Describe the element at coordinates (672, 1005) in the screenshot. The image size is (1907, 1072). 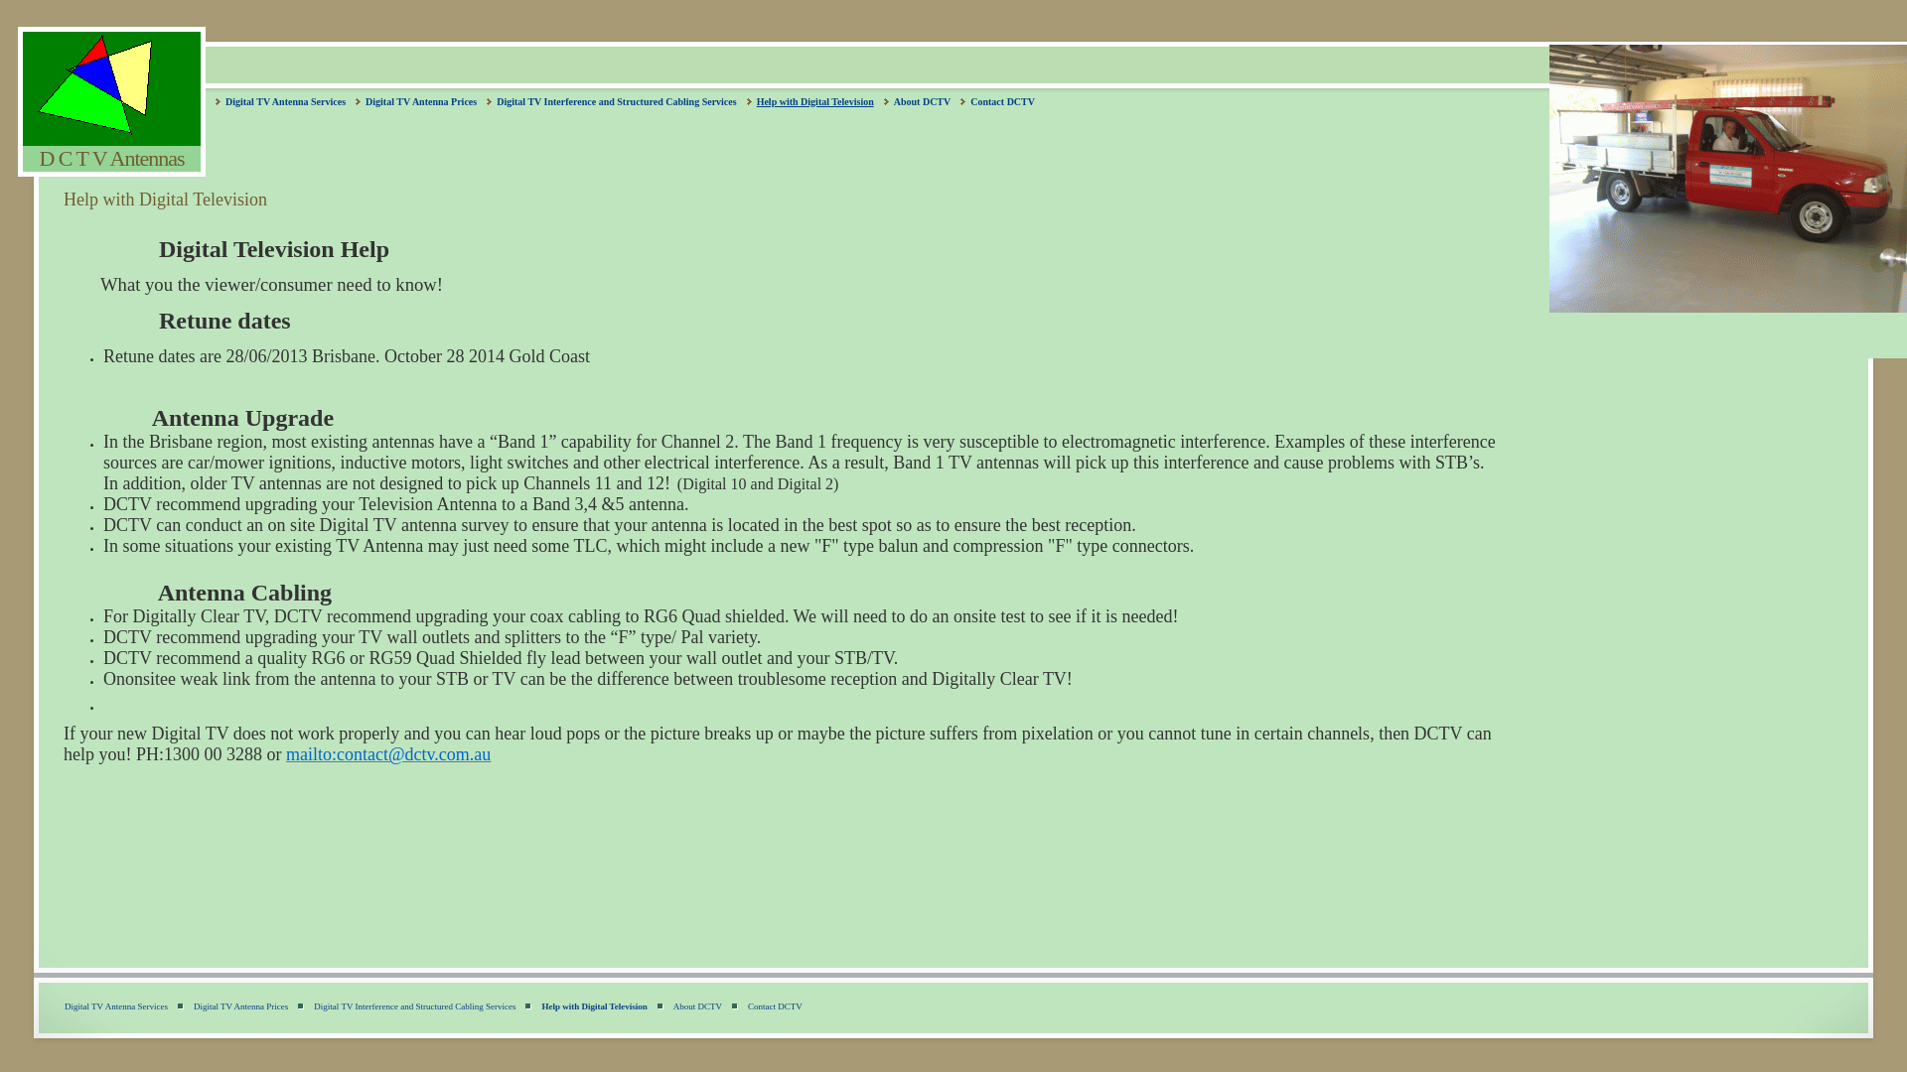
I see `'About DCTV'` at that location.